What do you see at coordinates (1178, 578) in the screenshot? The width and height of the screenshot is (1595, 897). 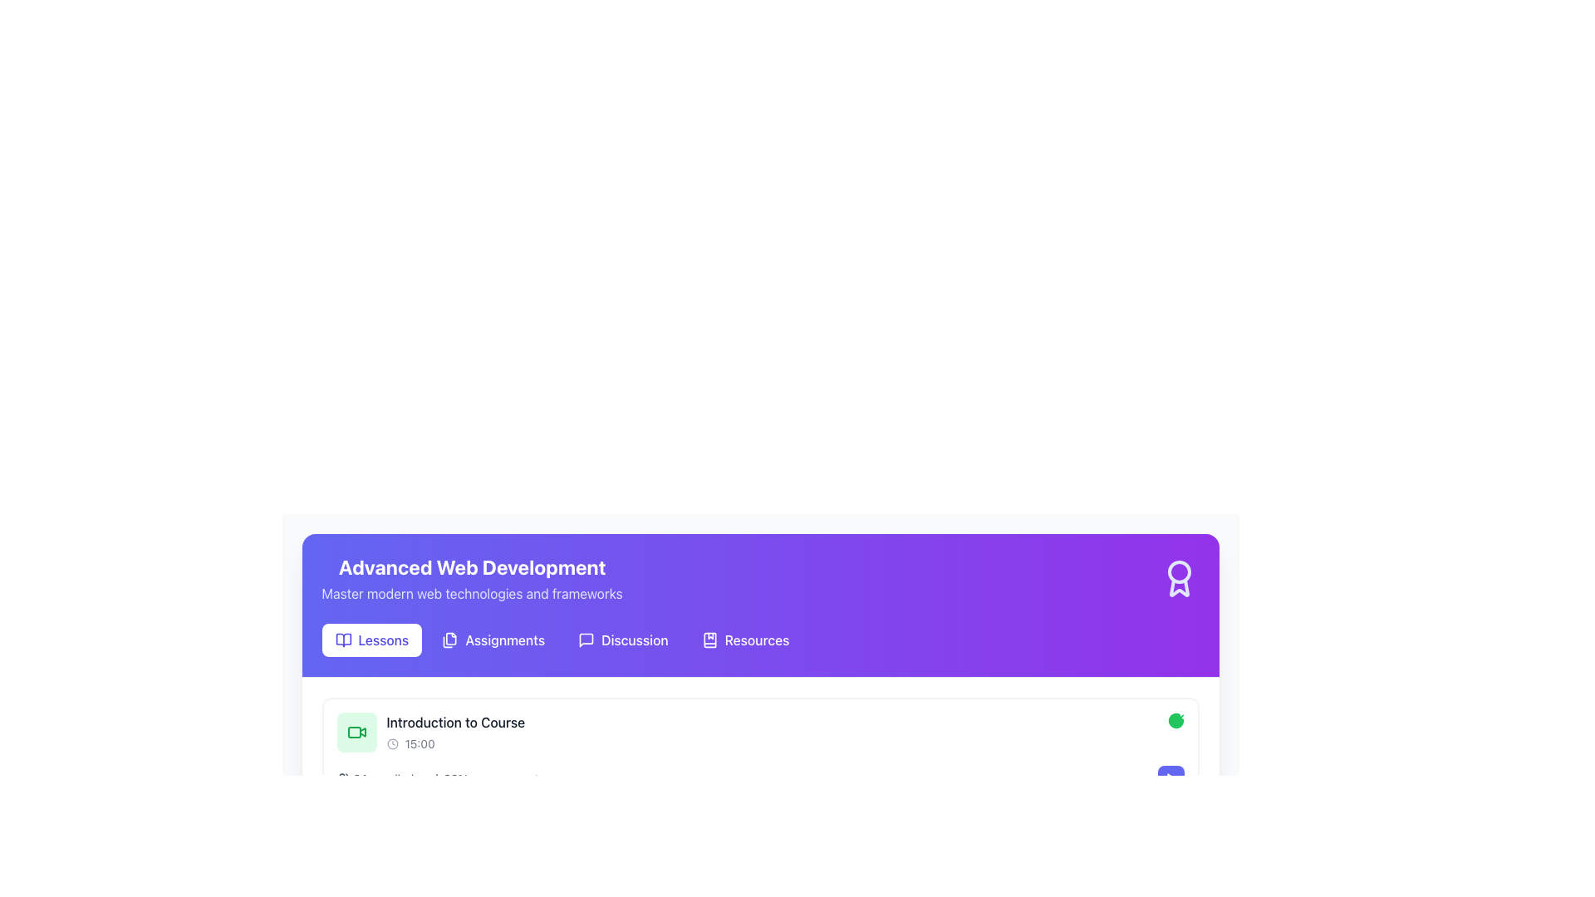 I see `the award ribbon icon located in the top-right corner of the banner` at bounding box center [1178, 578].